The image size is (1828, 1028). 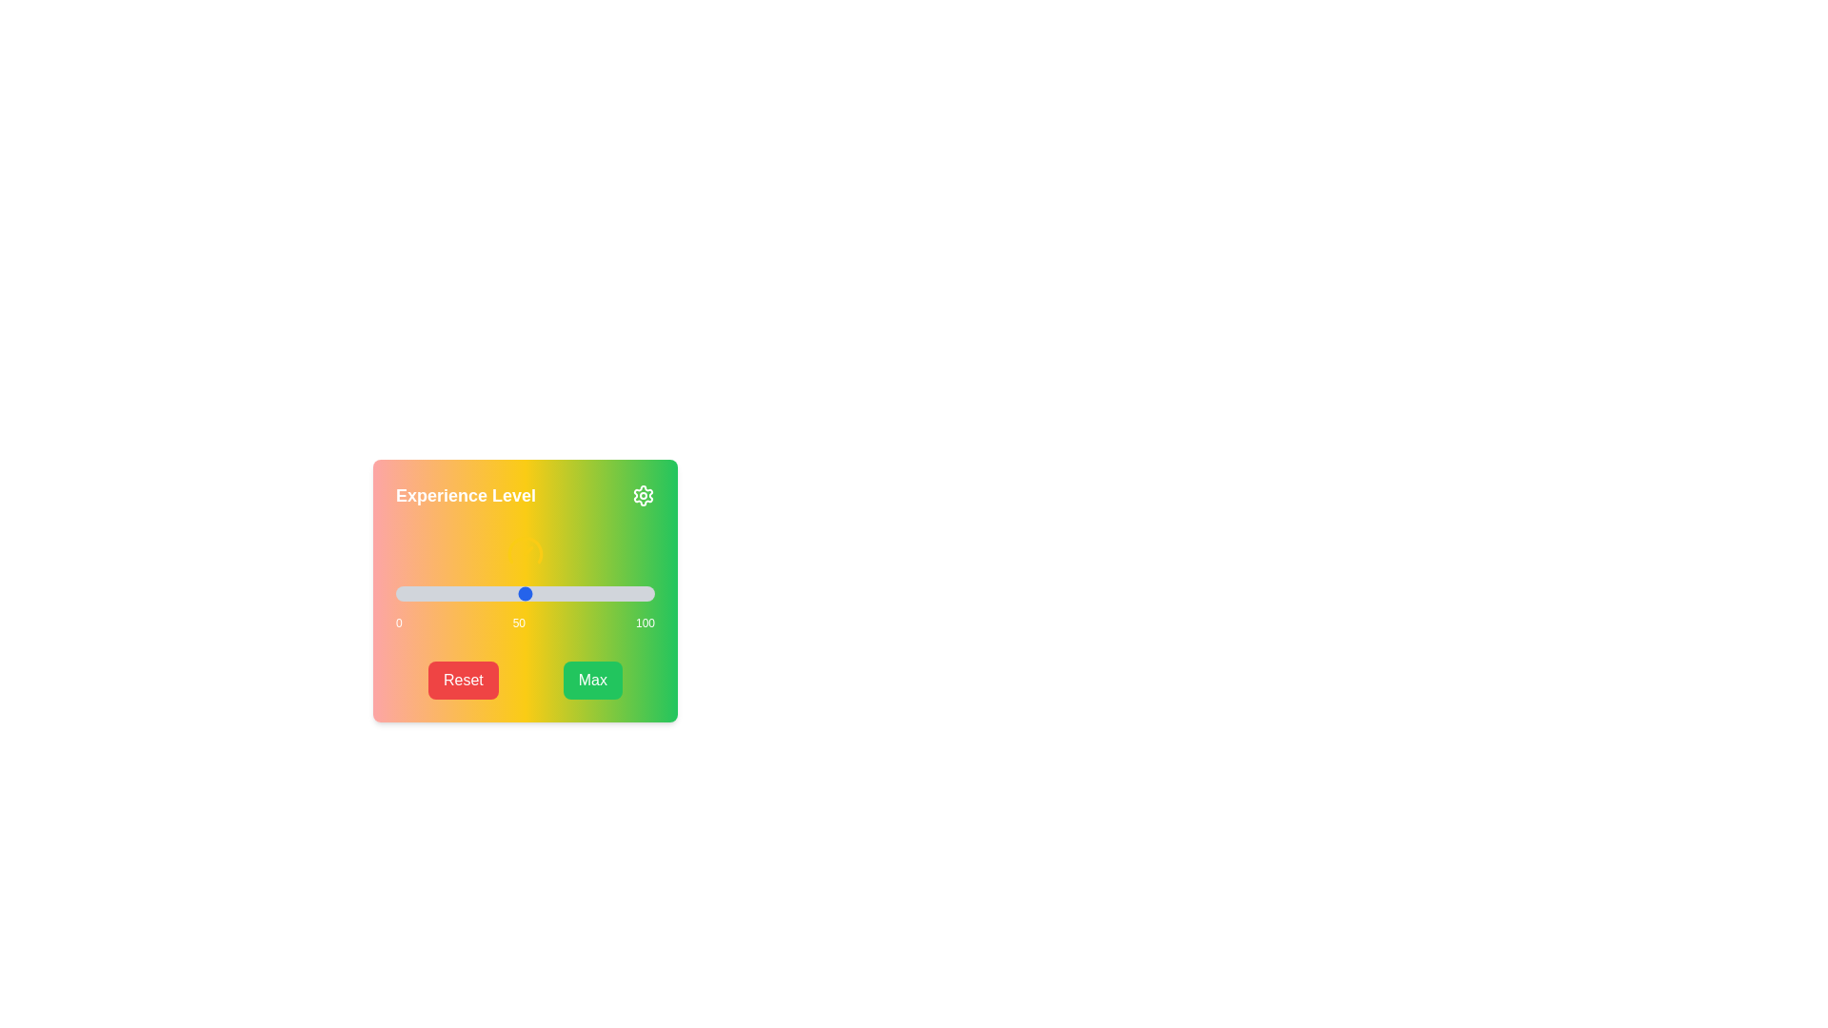 I want to click on the slider to set the value to 89, so click(x=626, y=593).